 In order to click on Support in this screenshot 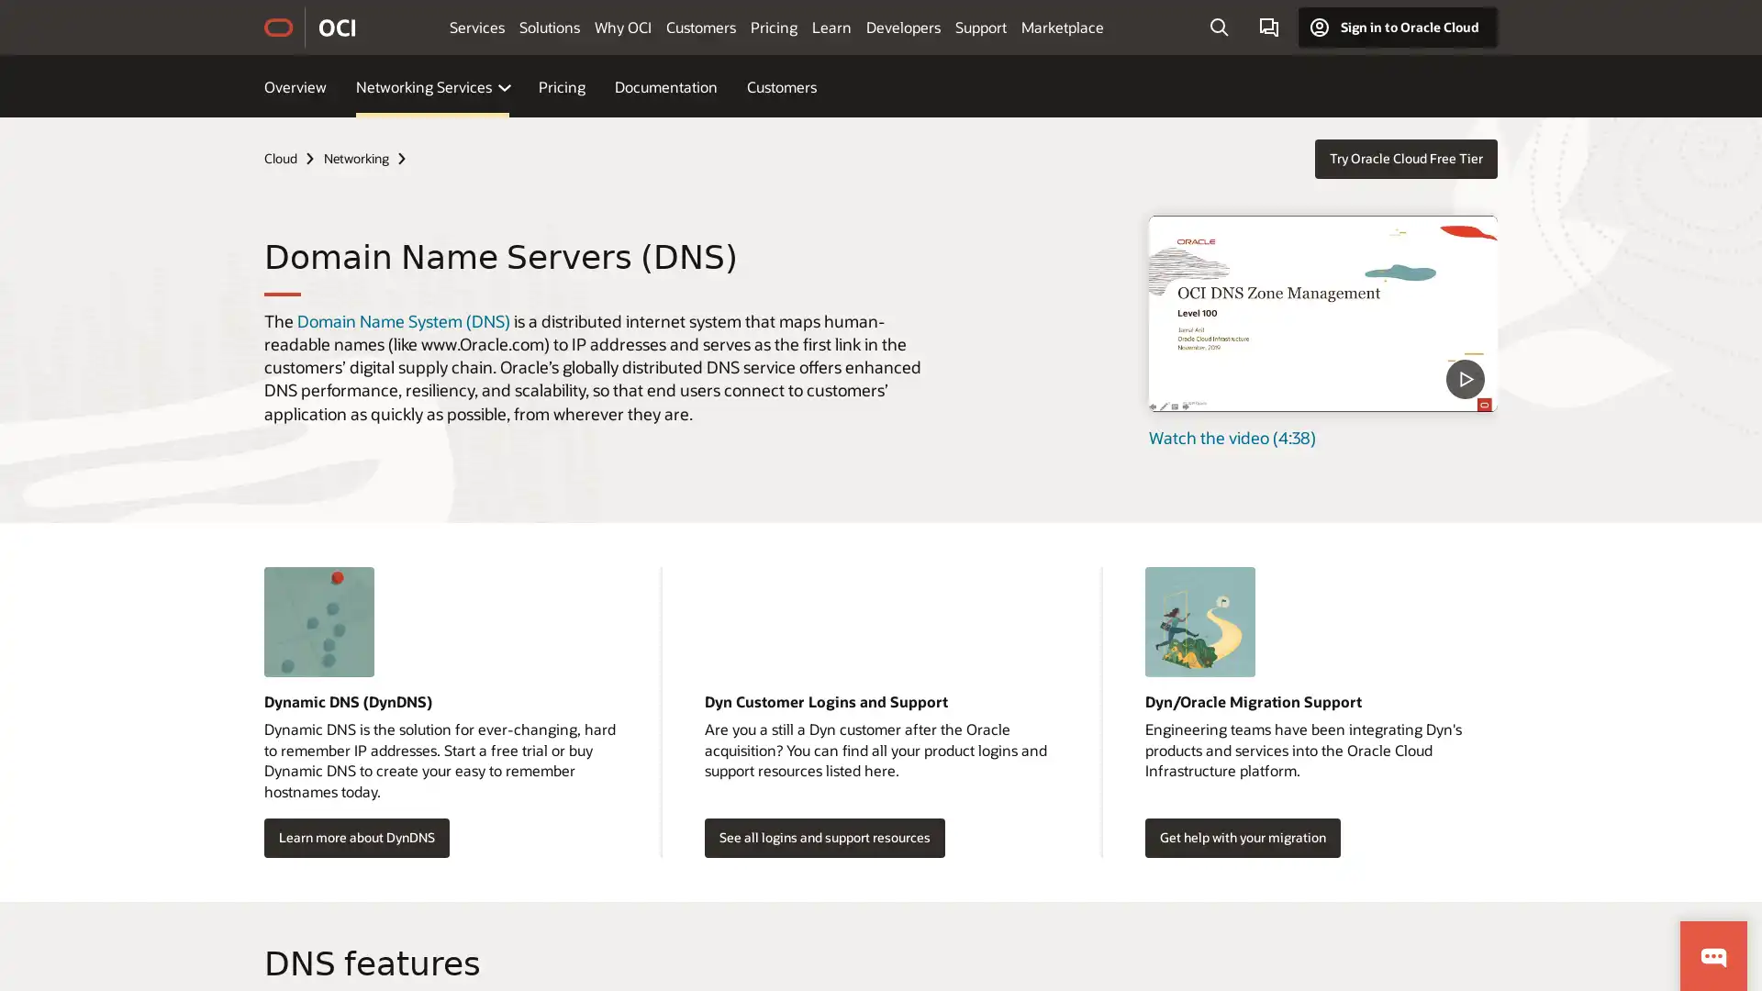, I will do `click(980, 27)`.